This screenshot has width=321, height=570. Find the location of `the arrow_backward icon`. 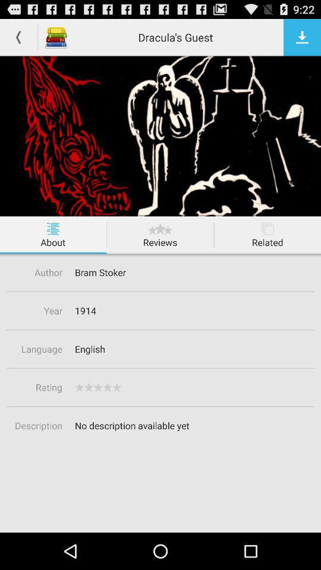

the arrow_backward icon is located at coordinates (18, 40).